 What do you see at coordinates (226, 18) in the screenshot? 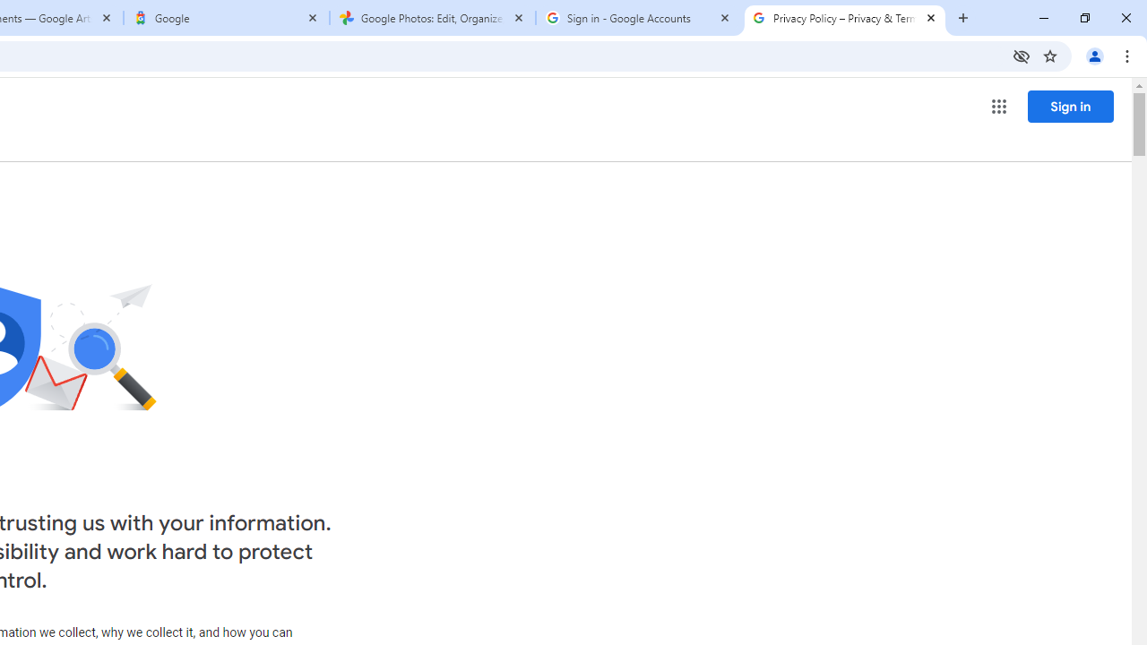
I see `'Google'` at bounding box center [226, 18].